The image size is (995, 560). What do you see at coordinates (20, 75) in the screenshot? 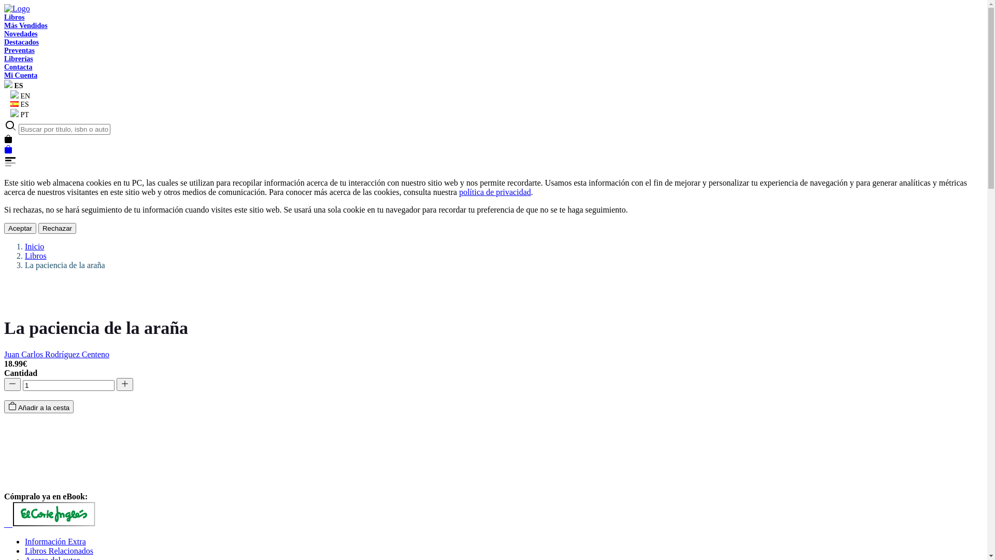
I see `'Mi Cuenta'` at bounding box center [20, 75].